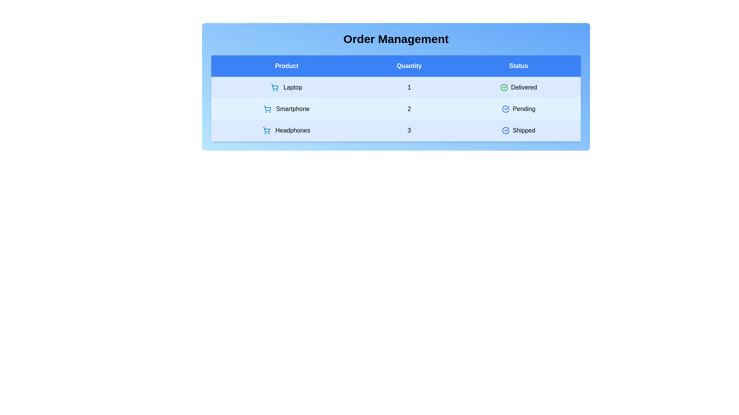 The width and height of the screenshot is (739, 415). Describe the element at coordinates (286, 130) in the screenshot. I see `the product name Headphones to select it` at that location.